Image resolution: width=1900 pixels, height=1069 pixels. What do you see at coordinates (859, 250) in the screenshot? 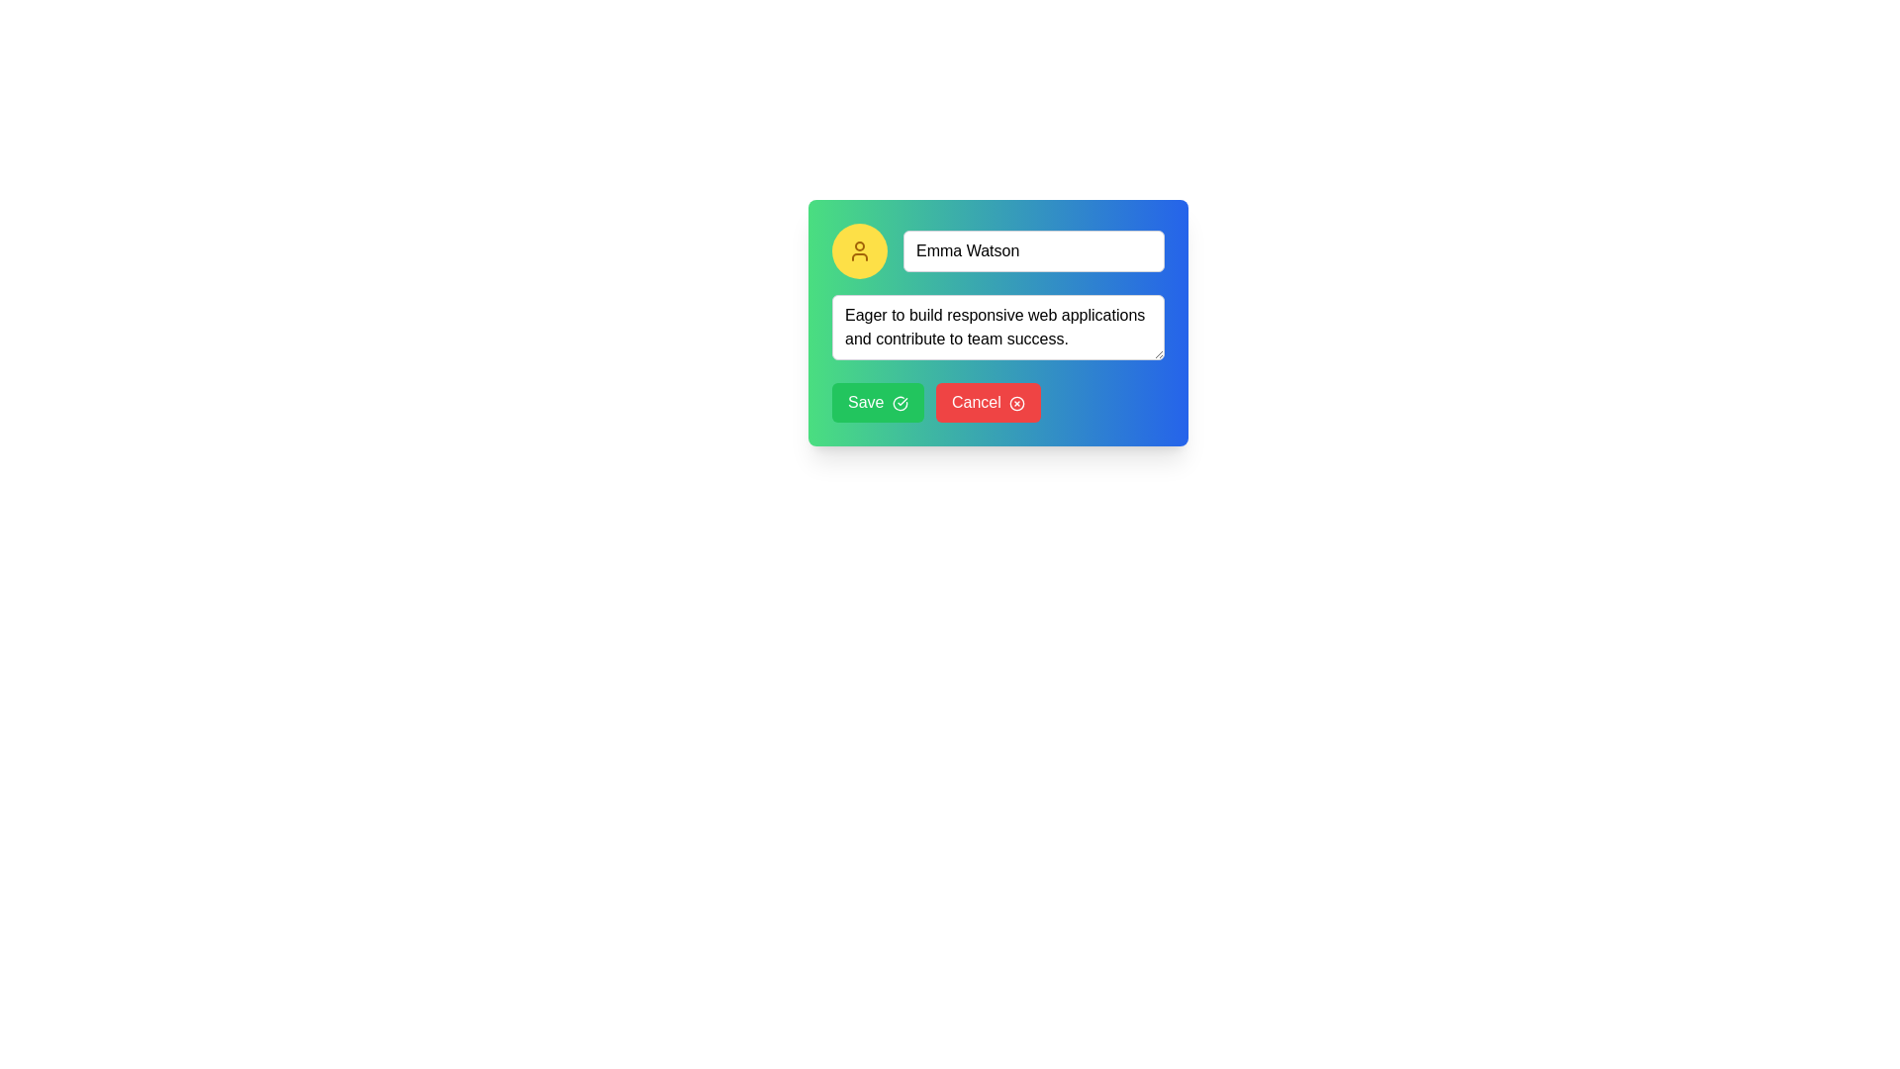
I see `the user silhouette icon with a bright yellow circular background located to the left of the 'Emma Watson' text input field` at bounding box center [859, 250].